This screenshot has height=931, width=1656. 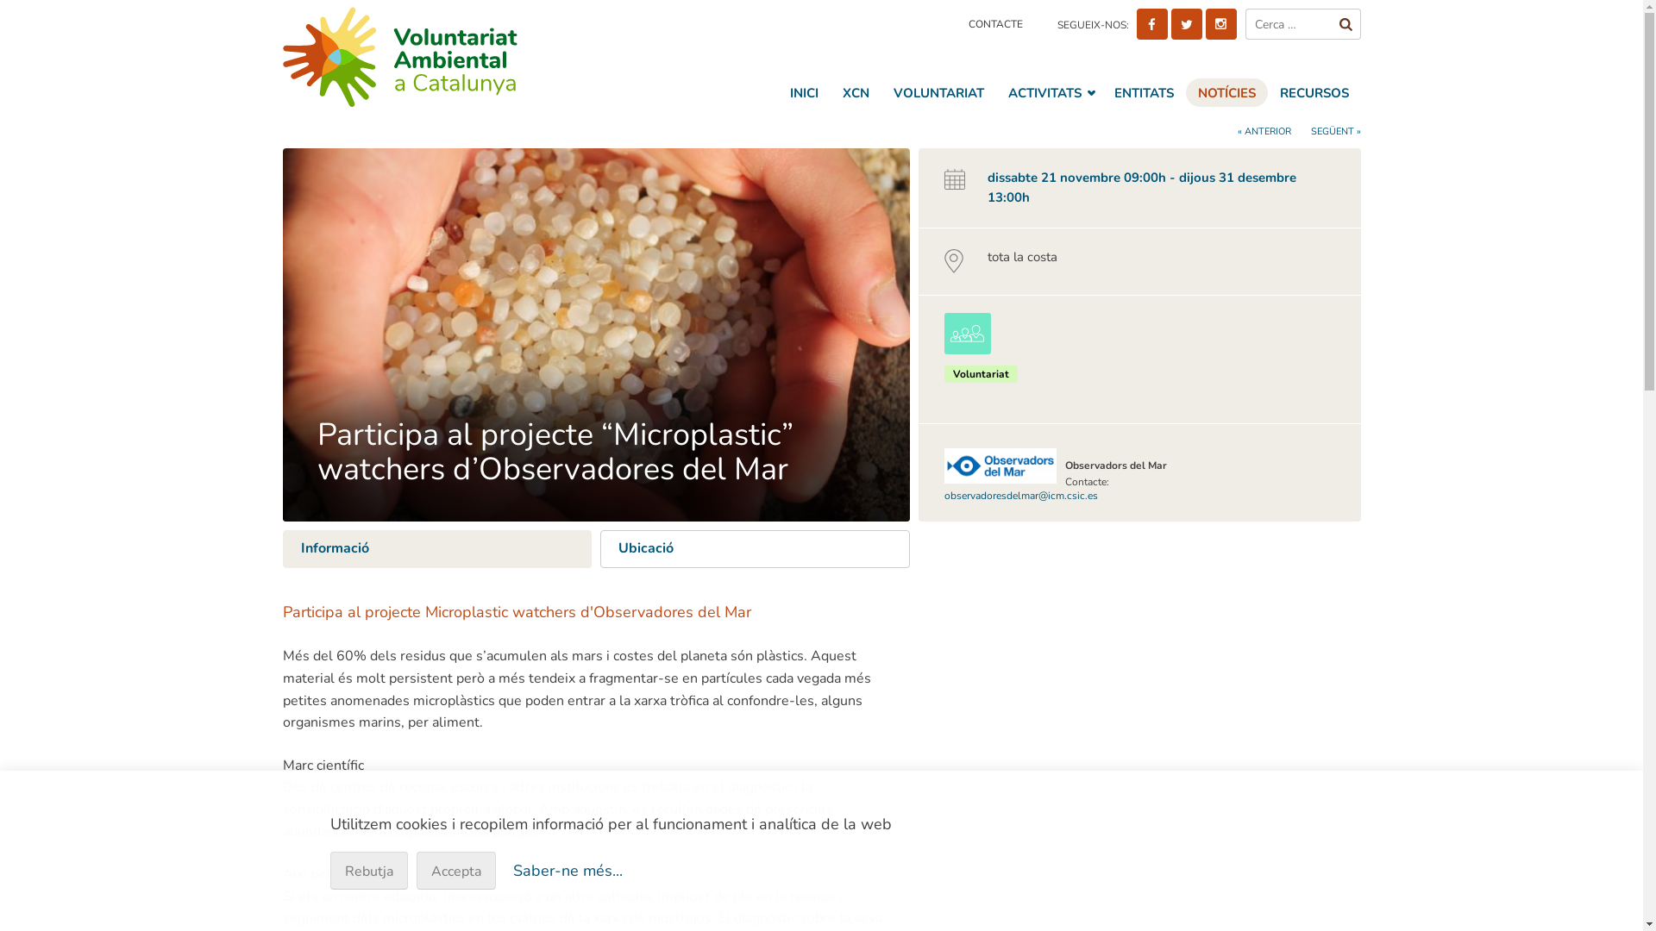 I want to click on 'XCN', so click(x=855, y=92).